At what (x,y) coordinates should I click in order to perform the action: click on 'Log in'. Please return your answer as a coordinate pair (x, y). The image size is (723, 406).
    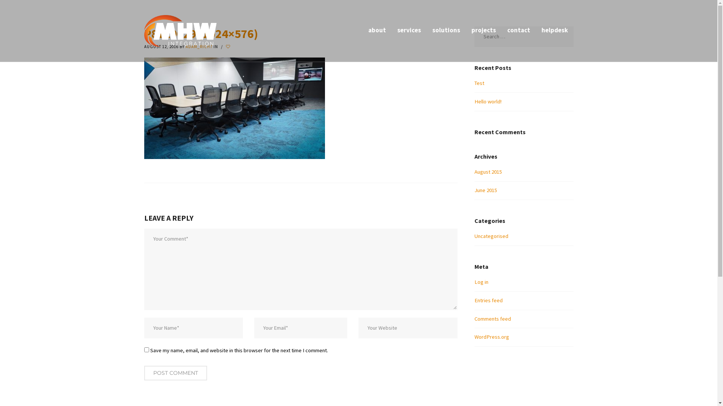
    Looking at the image, I should click on (481, 282).